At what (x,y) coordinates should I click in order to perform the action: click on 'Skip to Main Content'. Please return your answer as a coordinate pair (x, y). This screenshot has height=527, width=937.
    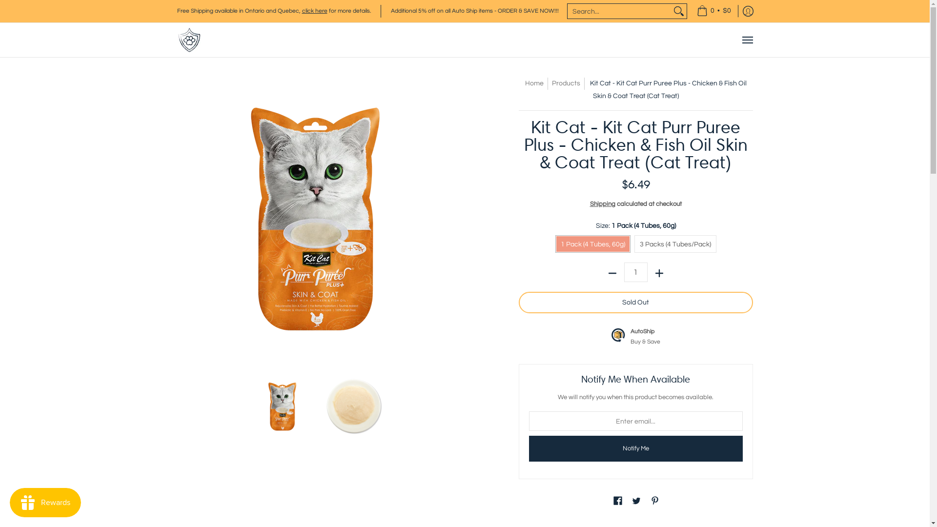
    Looking at the image, I should click on (0, 6).